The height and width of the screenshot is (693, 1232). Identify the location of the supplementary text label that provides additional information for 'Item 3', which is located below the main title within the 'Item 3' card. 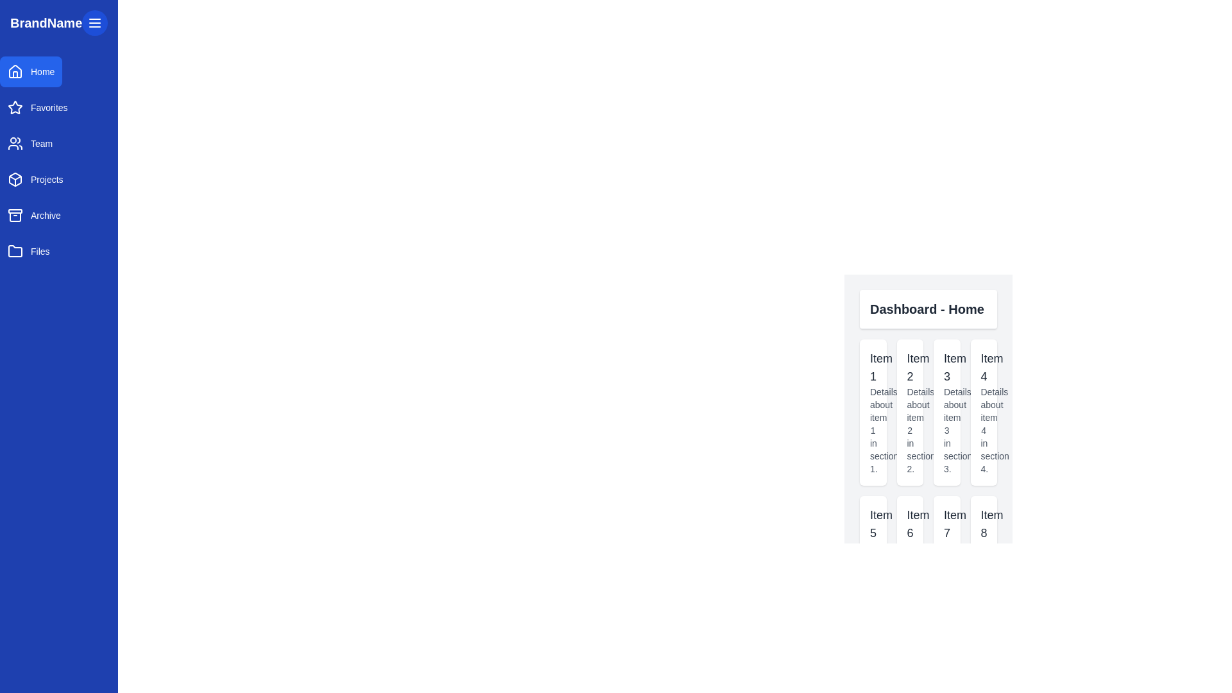
(946, 431).